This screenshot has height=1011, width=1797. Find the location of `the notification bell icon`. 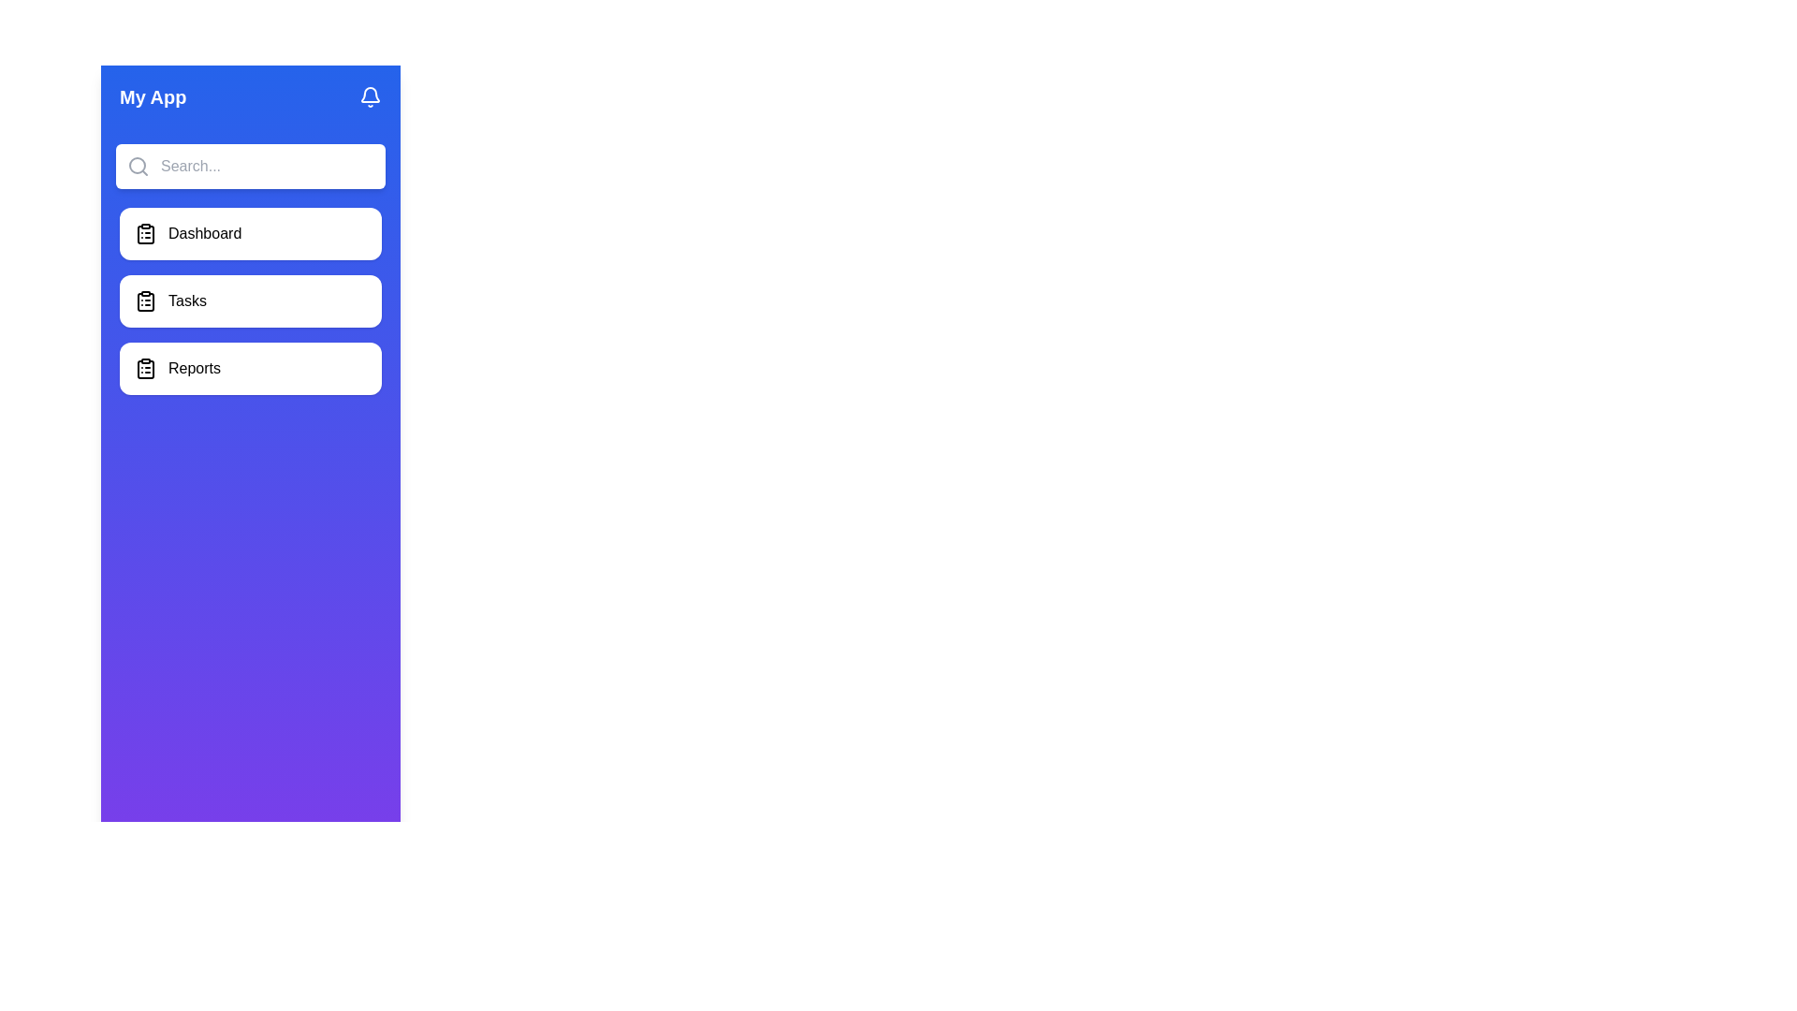

the notification bell icon is located at coordinates (370, 97).